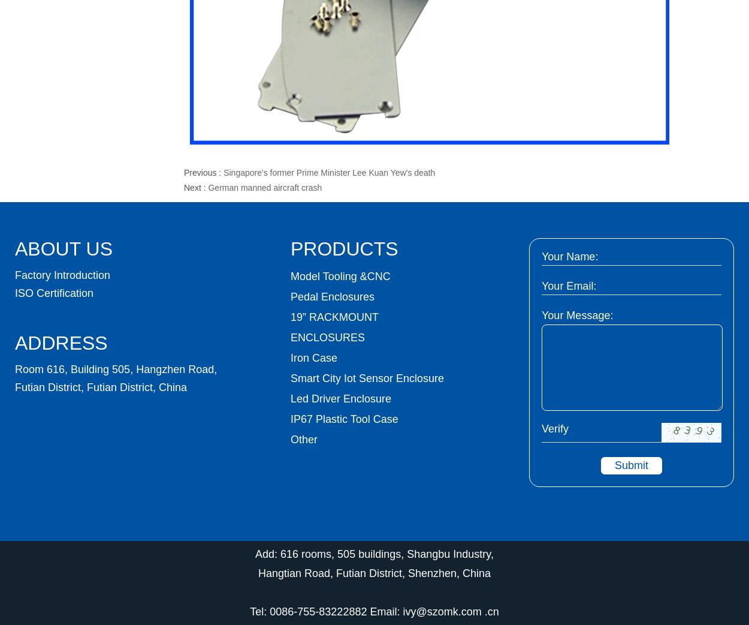  Describe the element at coordinates (264, 188) in the screenshot. I see `'German manned aircraft crash'` at that location.